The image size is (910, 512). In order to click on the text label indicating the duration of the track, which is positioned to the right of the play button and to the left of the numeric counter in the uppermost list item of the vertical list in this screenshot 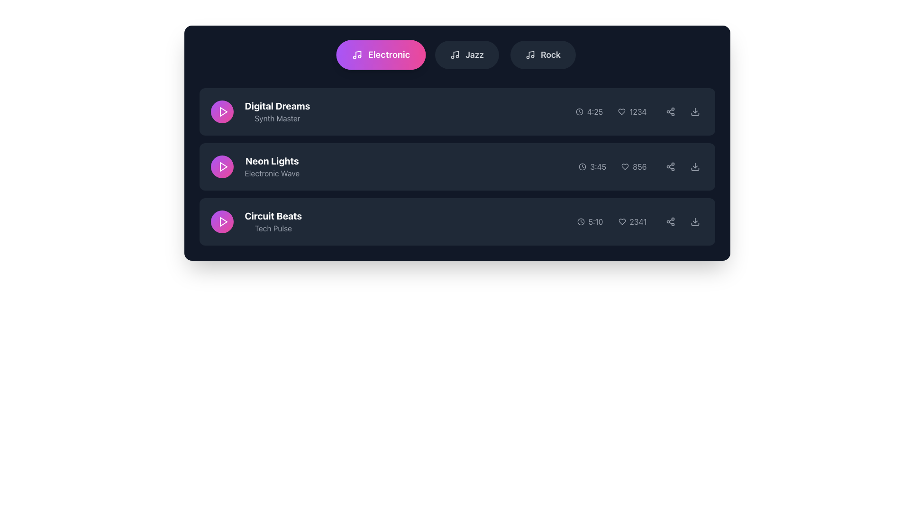, I will do `click(589, 111)`.